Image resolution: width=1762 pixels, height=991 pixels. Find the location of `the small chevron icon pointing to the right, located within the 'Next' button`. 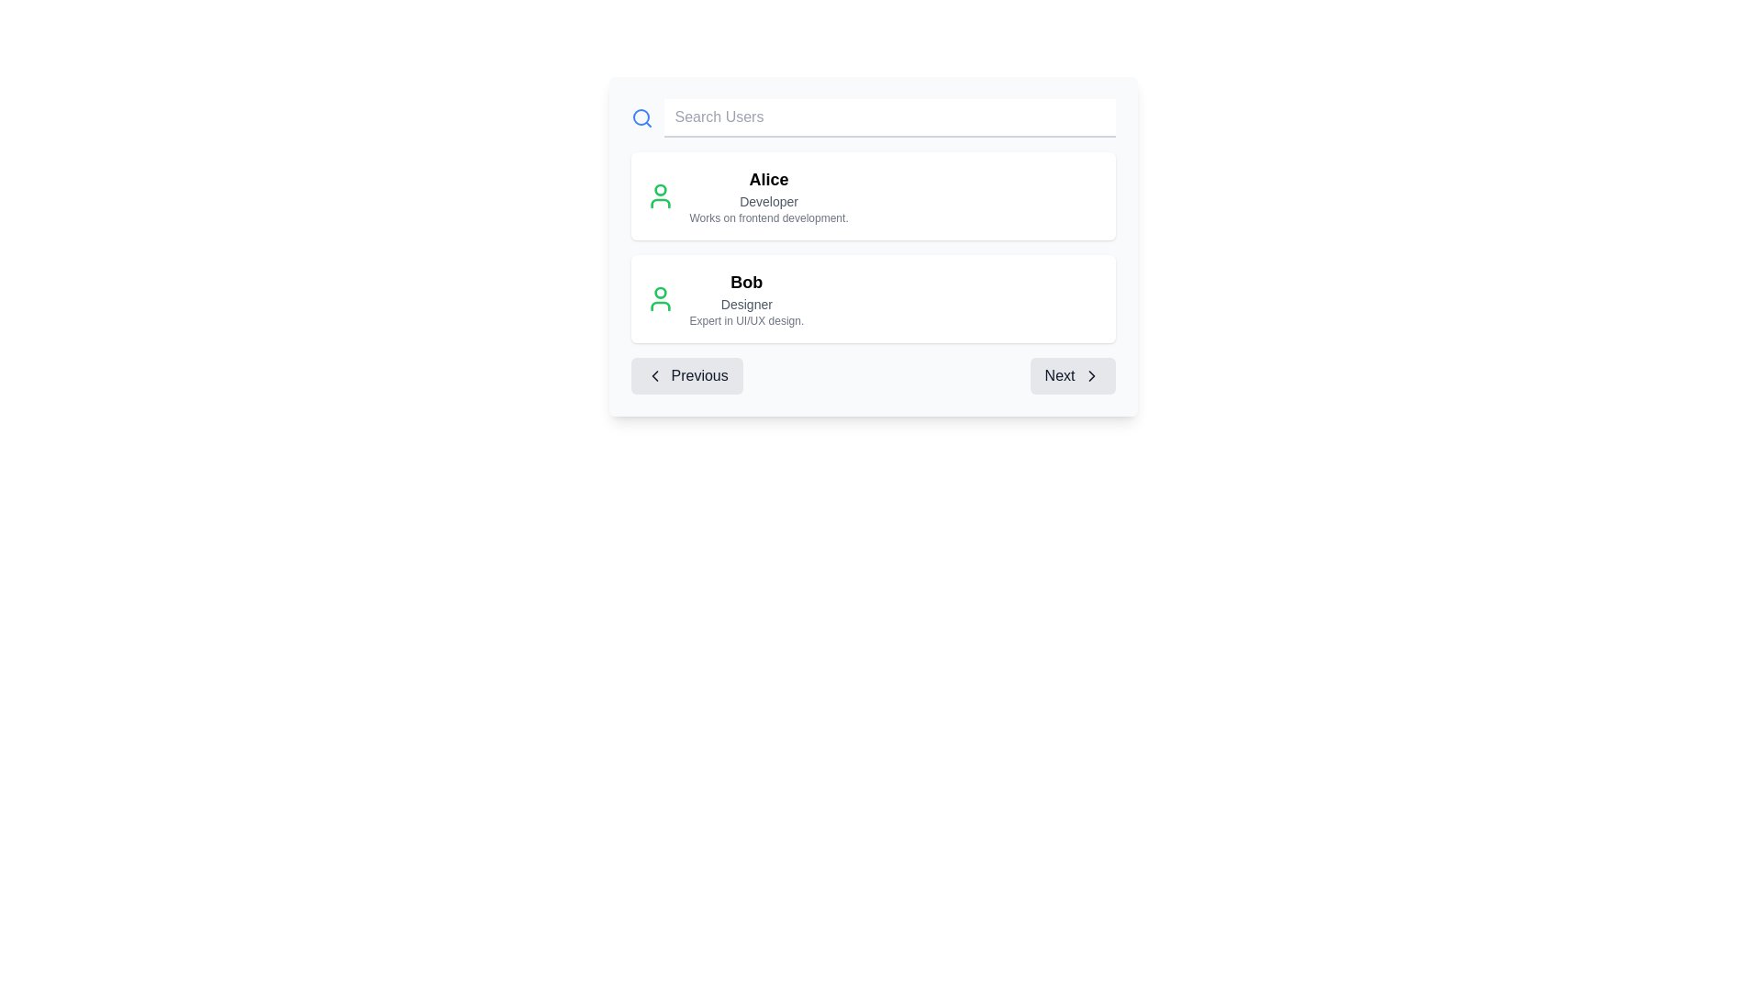

the small chevron icon pointing to the right, located within the 'Next' button is located at coordinates (1091, 374).